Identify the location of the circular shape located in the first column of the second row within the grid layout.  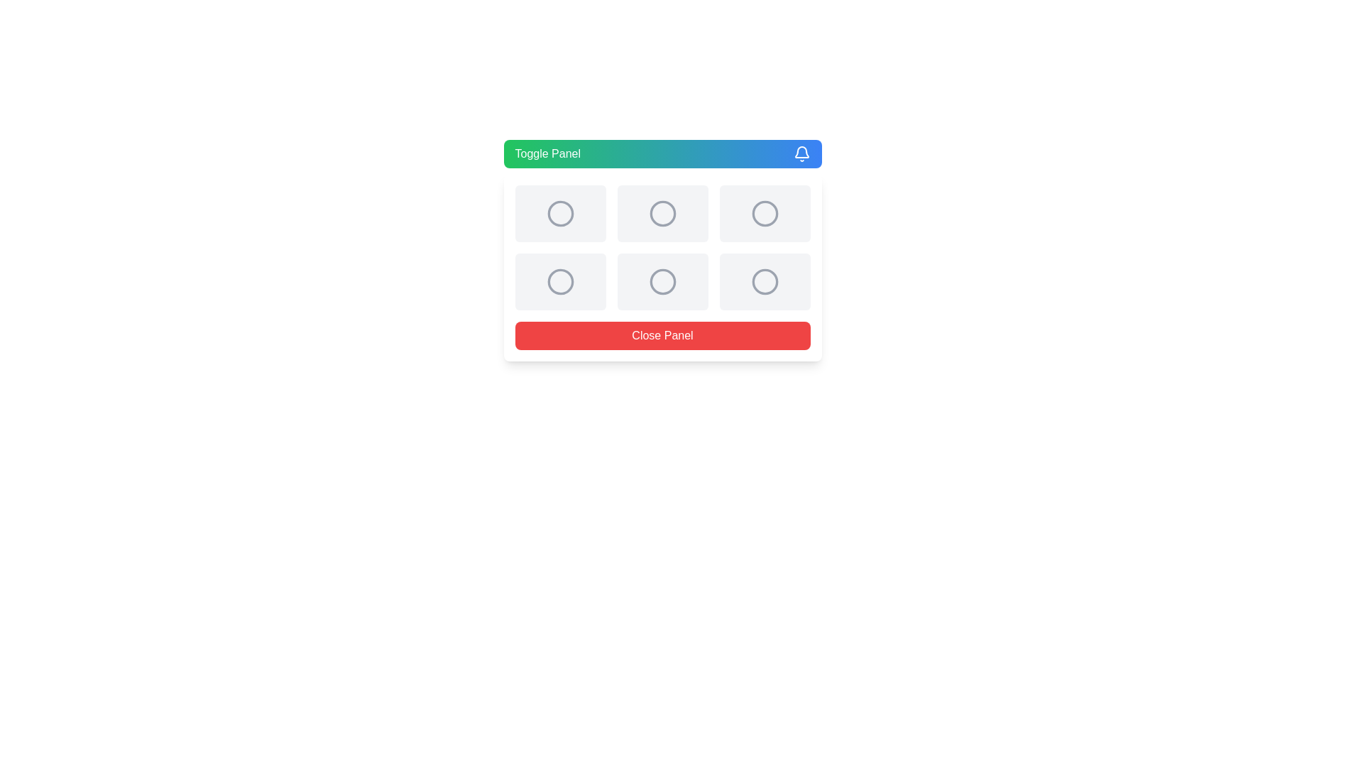
(559, 282).